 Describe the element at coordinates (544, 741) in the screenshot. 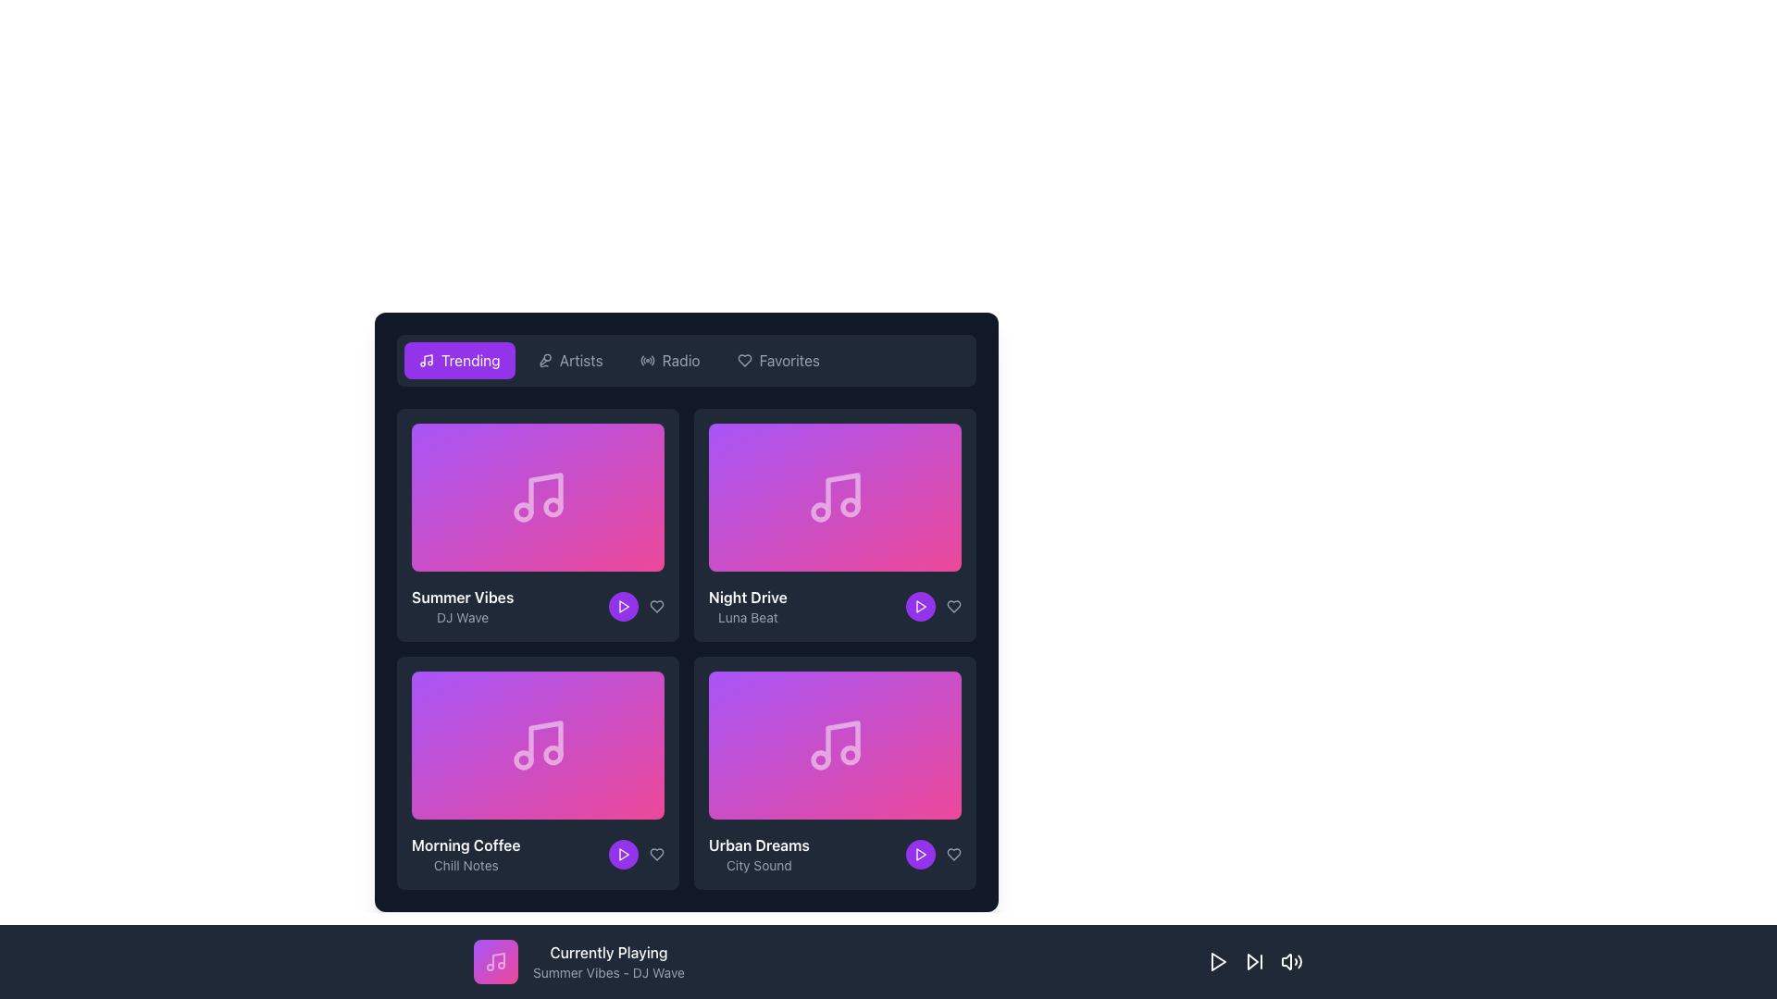

I see `the vertical line element representing a music note's stem in the 'Morning Coffee' section of the SVG icon` at that location.